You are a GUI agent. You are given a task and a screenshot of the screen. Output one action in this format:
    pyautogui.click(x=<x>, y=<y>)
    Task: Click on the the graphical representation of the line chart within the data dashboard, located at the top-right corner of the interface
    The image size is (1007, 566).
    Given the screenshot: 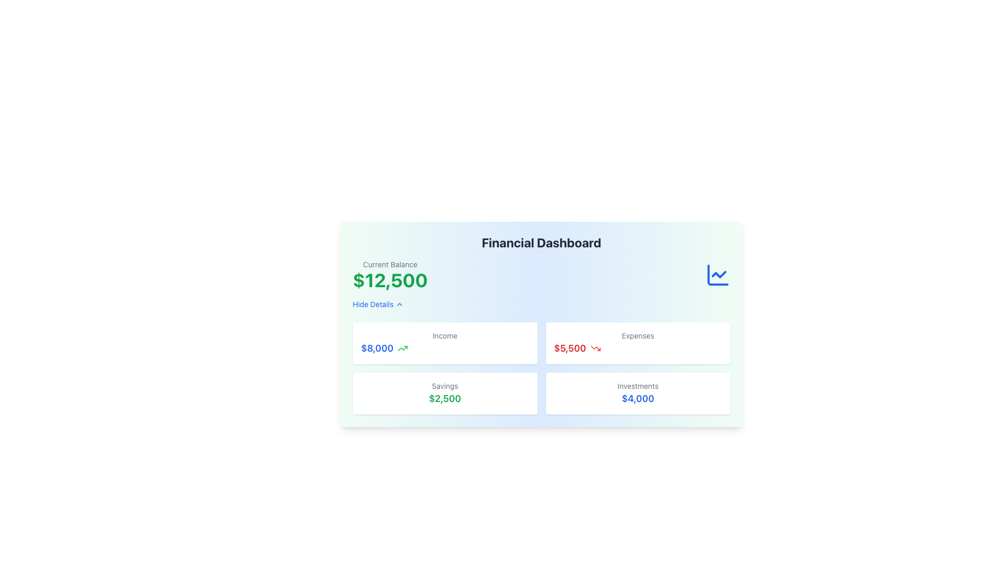 What is the action you would take?
    pyautogui.click(x=718, y=274)
    